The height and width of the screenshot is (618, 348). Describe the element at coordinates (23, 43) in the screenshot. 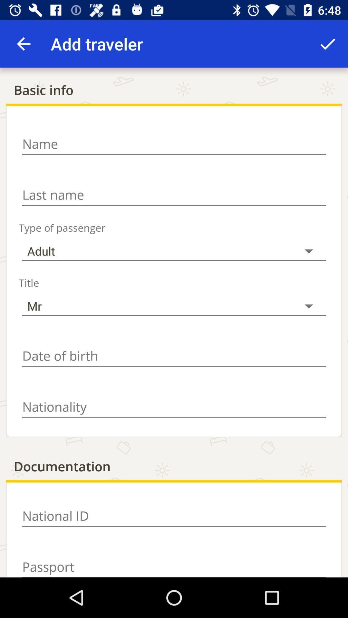

I see `item to the left of the add traveler` at that location.